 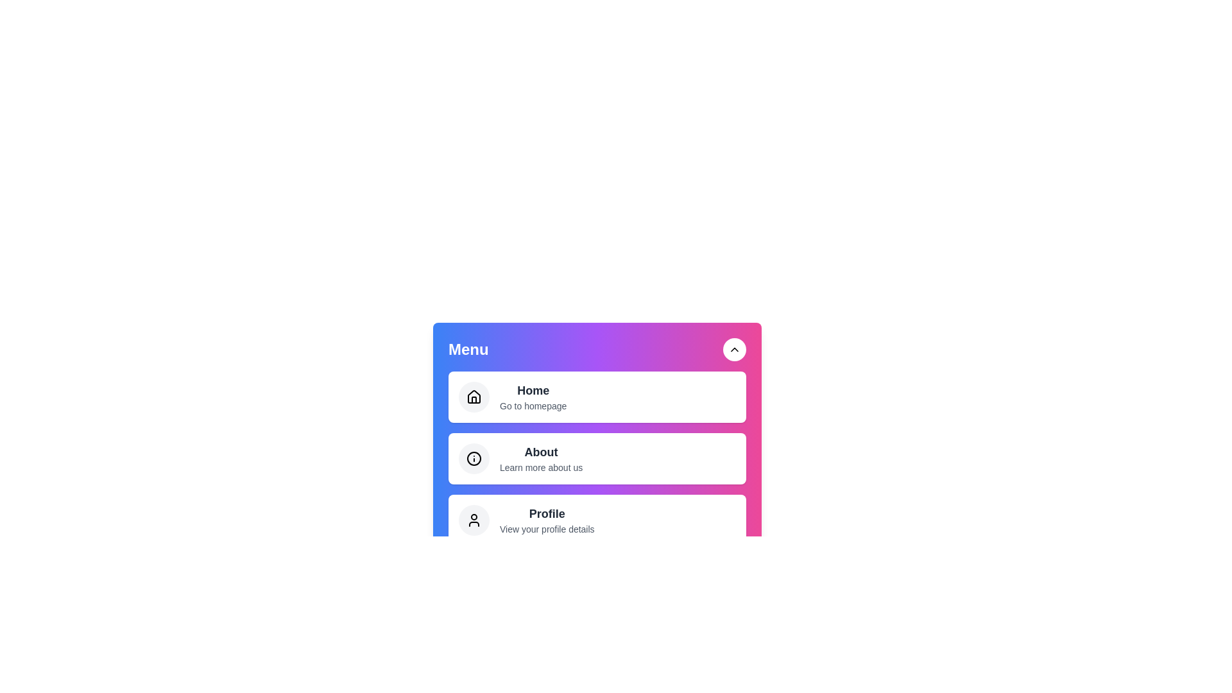 I want to click on toggle button to open or close the menu, so click(x=735, y=349).